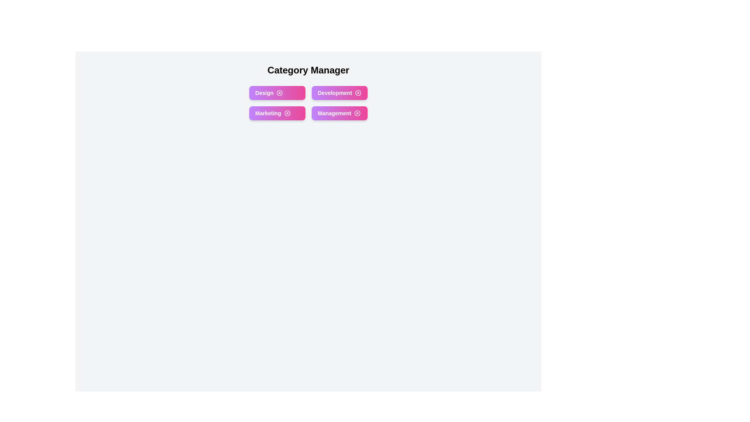  Describe the element at coordinates (358, 93) in the screenshot. I see `close button on the category chip labeled Development to remove it` at that location.